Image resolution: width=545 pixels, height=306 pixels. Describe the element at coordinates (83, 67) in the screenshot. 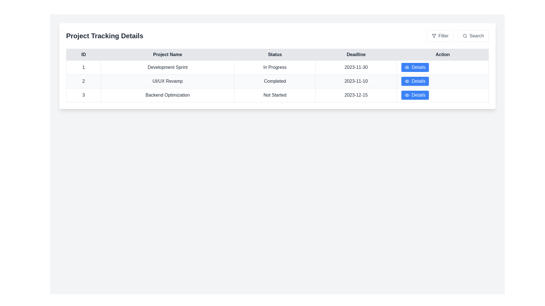

I see `the text element displaying the number '1' in a sans-serif font, located in the first row of the 'ID' column in a tabular layout` at that location.